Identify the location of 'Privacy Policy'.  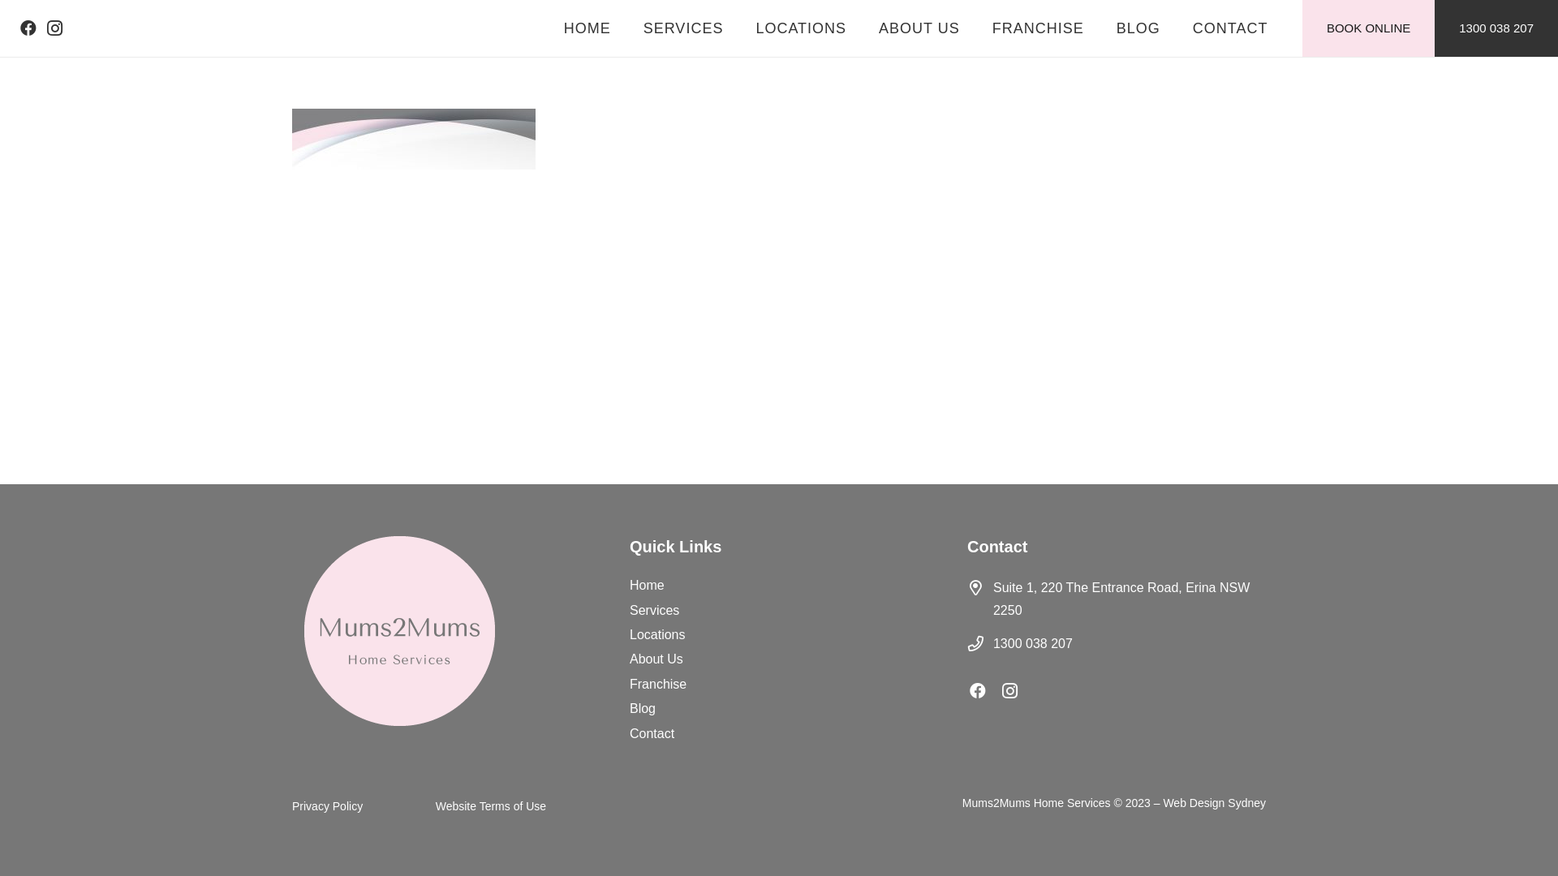
(292, 806).